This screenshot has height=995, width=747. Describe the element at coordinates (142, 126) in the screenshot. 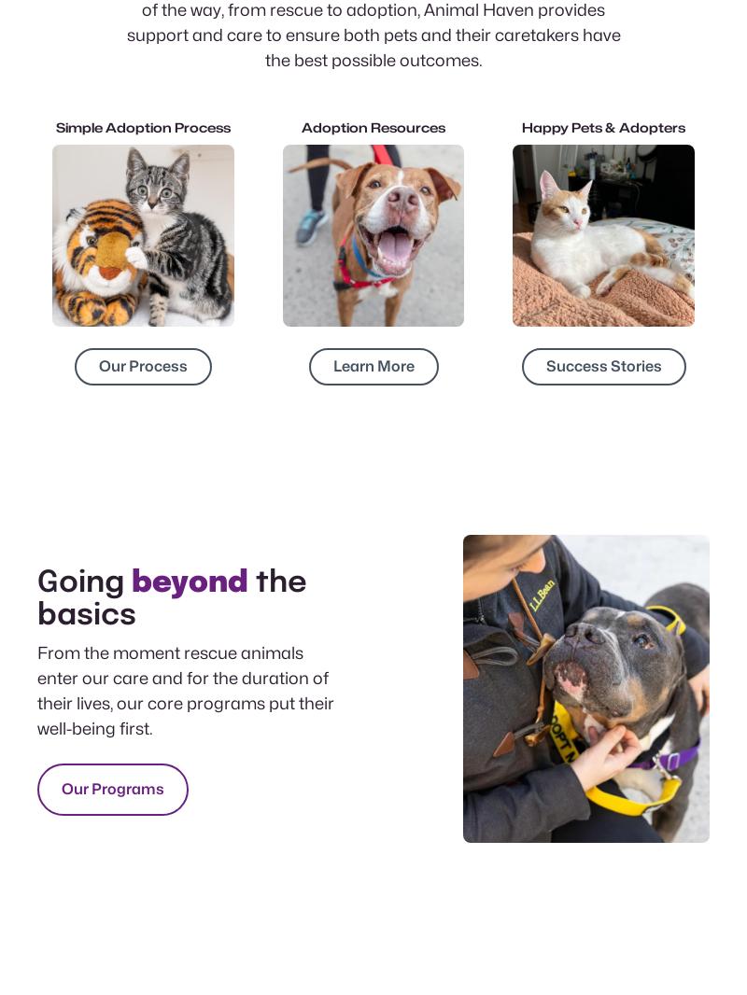

I see `'Simple Adoption Process'` at that location.